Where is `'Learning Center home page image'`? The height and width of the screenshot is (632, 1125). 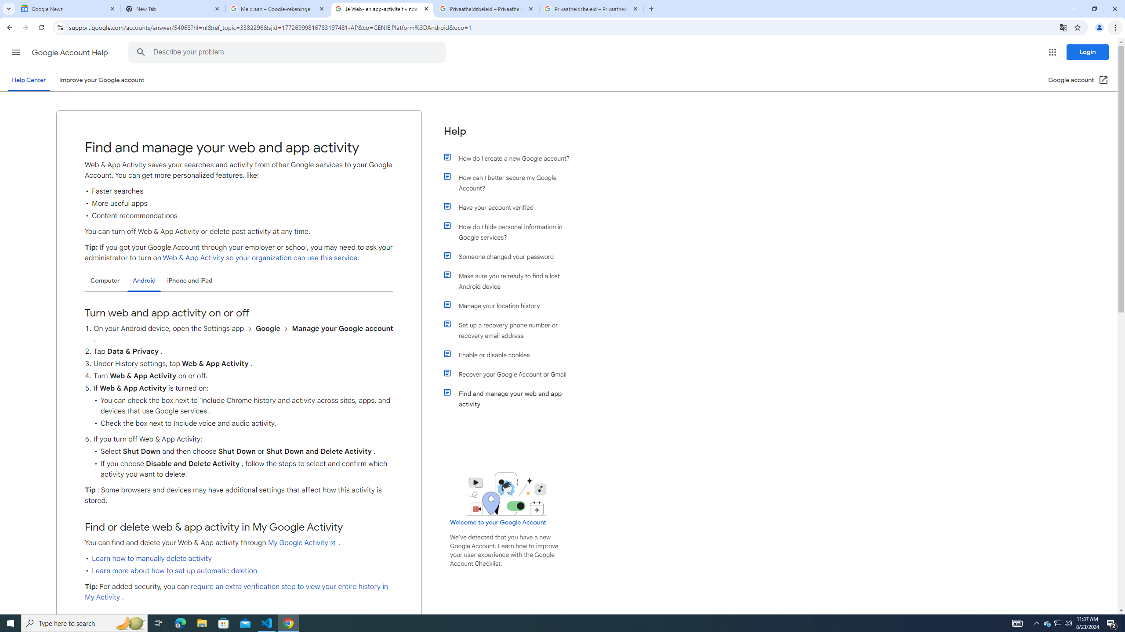
'Learning Center home page image' is located at coordinates (506, 494).